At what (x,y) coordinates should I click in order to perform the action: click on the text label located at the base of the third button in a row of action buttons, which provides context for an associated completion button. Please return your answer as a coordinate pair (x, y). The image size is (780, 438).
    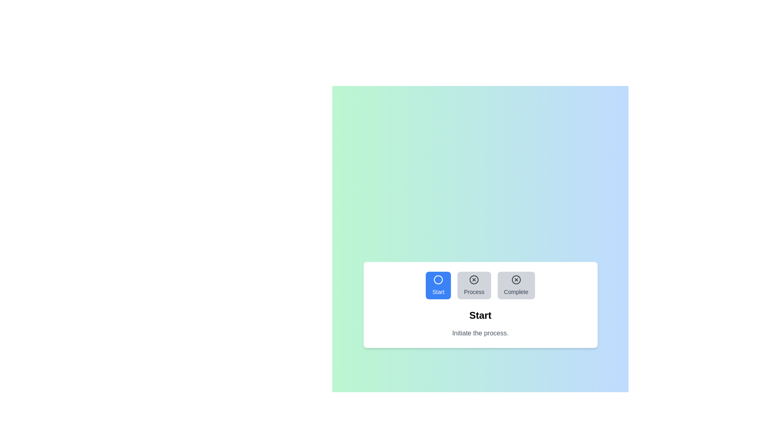
    Looking at the image, I should click on (516, 292).